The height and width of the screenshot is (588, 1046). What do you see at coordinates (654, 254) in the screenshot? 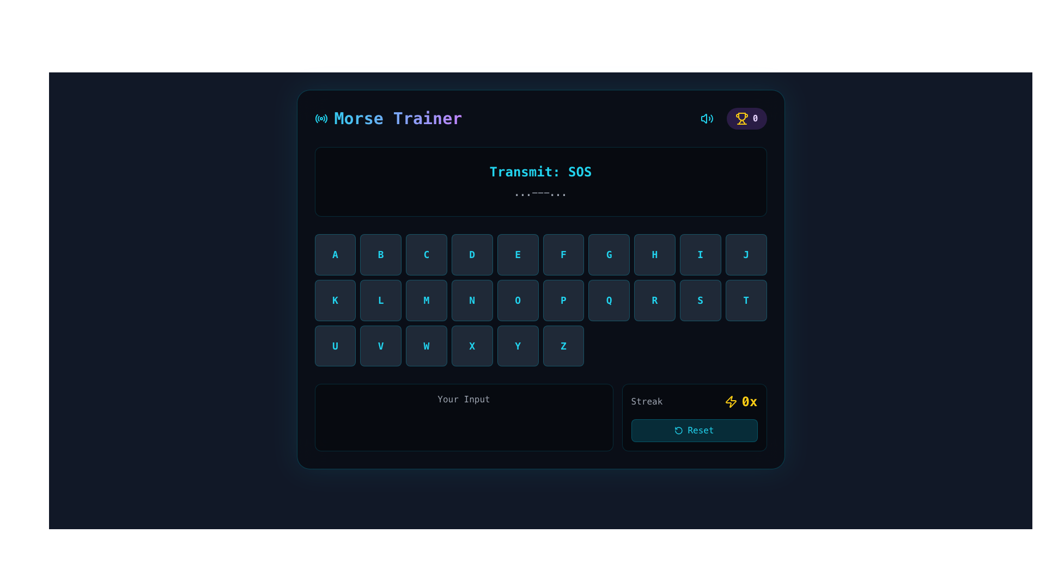
I see `the button labeled 'H', which is the eighth button in the first row of a grid of alphabetic buttons, located between 'G' and 'I'` at bounding box center [654, 254].